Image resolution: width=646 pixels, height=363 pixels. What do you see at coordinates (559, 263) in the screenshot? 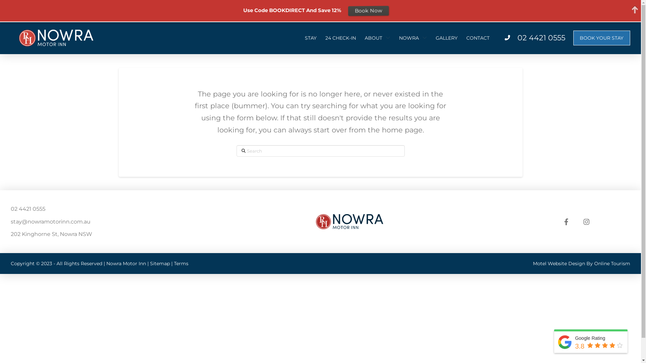
I see `'Motel Website Design'` at bounding box center [559, 263].